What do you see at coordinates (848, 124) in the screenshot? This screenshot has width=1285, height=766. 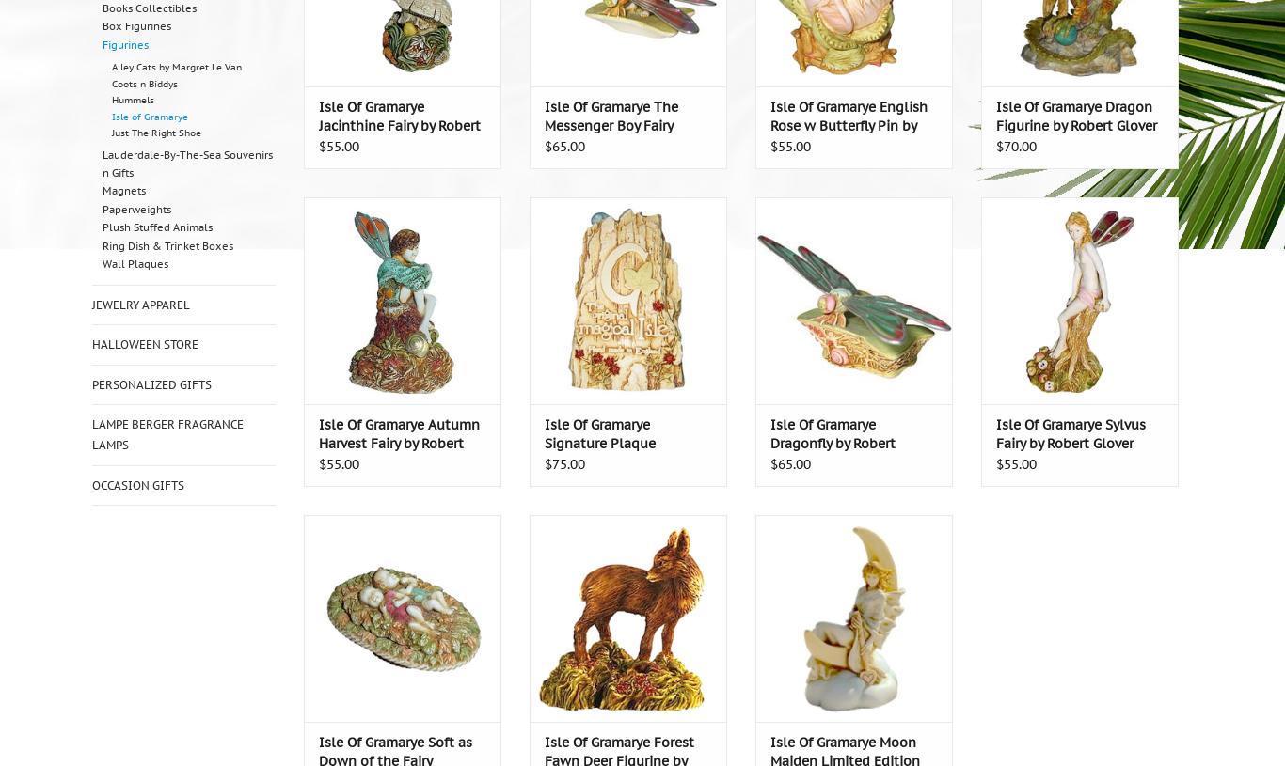 I see `'Isle Of Gramarye English Rose w Butterfly Pin by Robert Glover'` at bounding box center [848, 124].